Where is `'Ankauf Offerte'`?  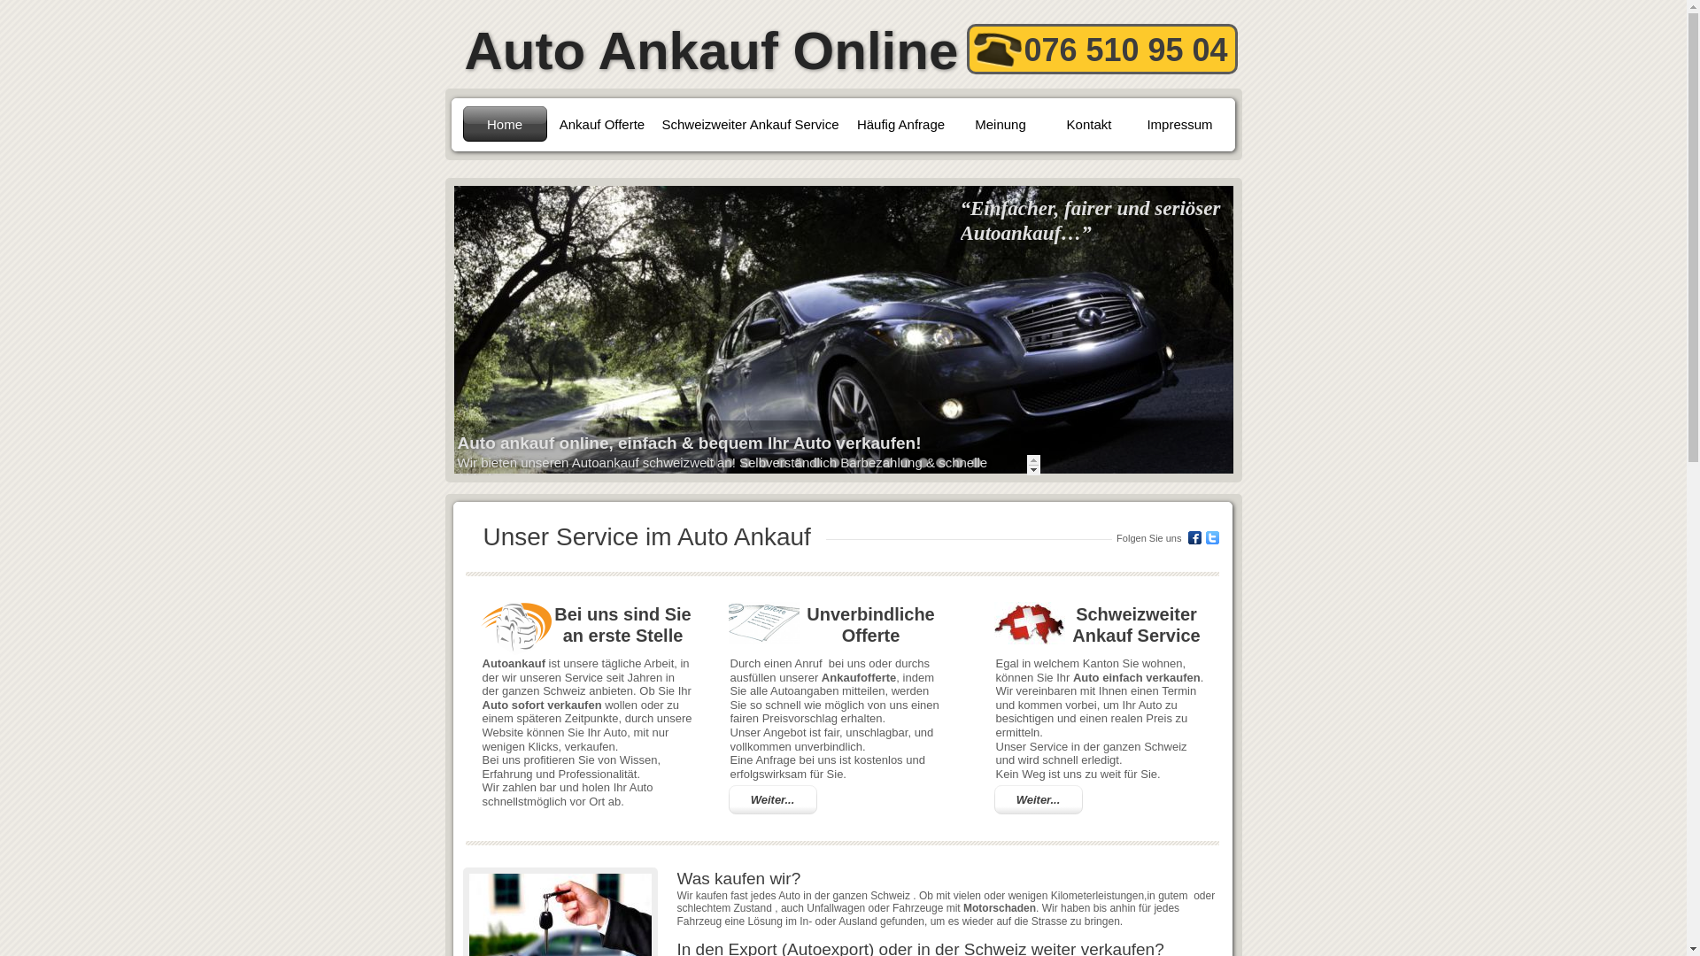 'Ankauf Offerte' is located at coordinates (601, 122).